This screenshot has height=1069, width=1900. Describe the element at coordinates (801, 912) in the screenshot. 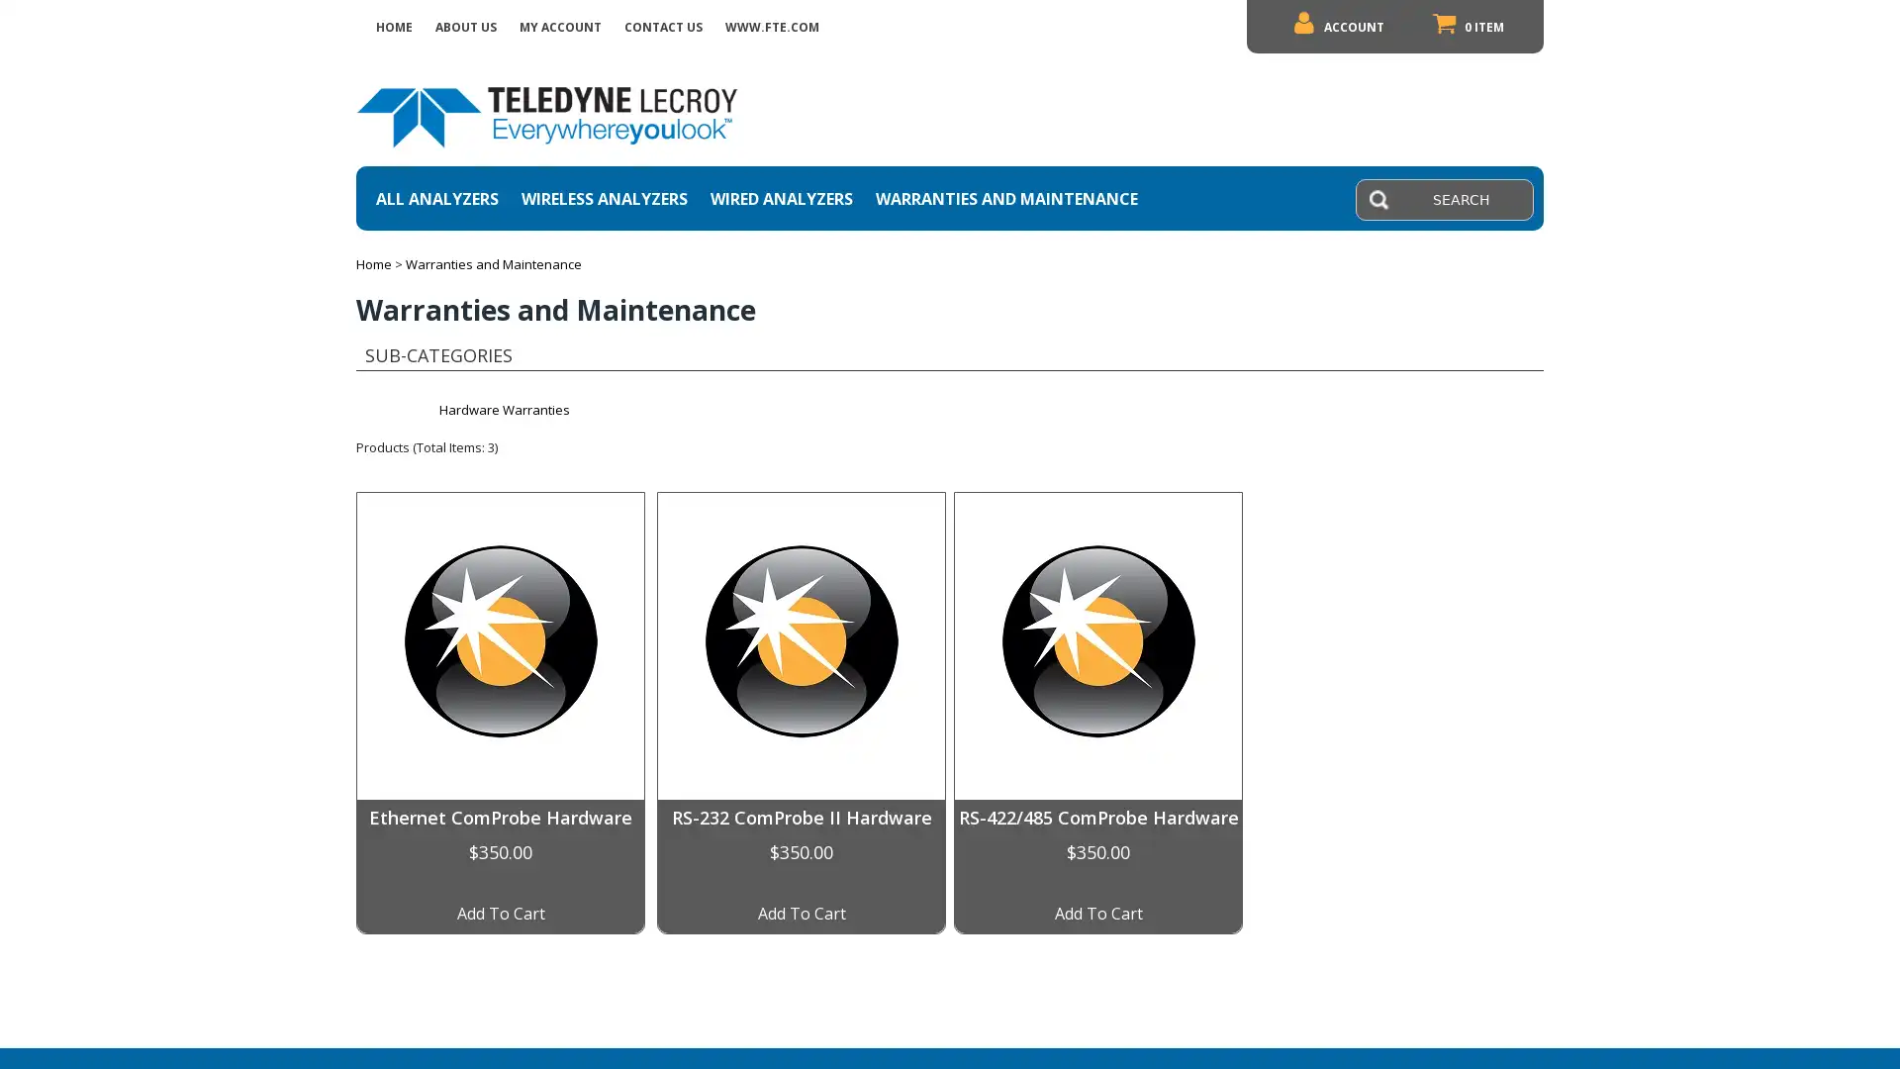

I see `Add To Cart` at that location.